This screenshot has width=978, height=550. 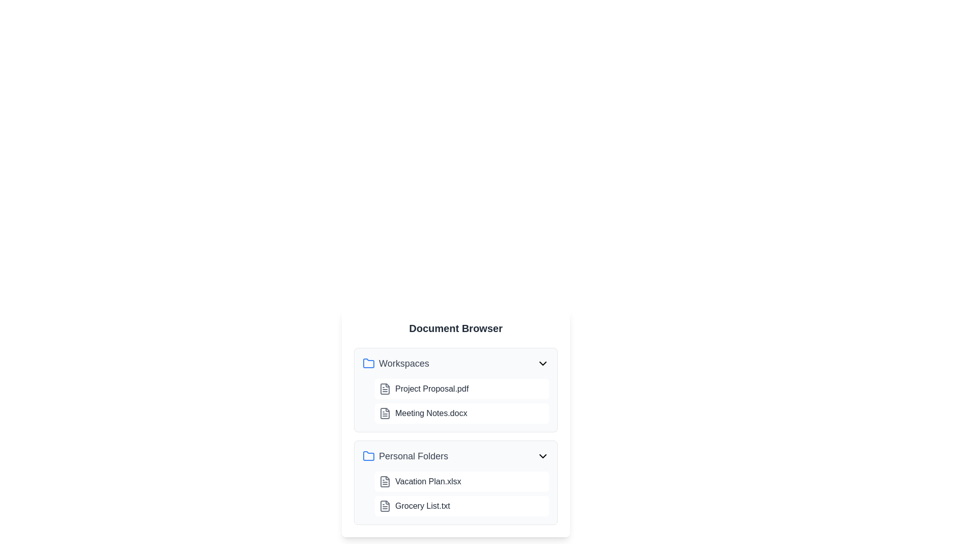 What do you see at coordinates (368, 455) in the screenshot?
I see `the 'Personal Folders' icon, which is located to the left of the text 'Personal Folders'` at bounding box center [368, 455].